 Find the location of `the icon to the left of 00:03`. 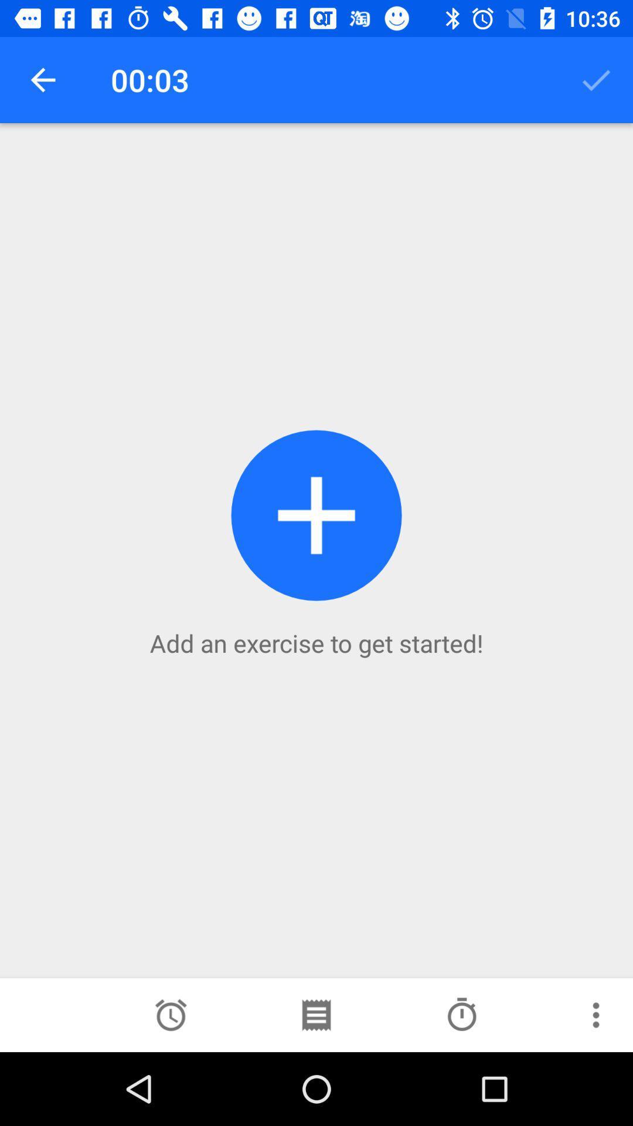

the icon to the left of 00:03 is located at coordinates (42, 79).